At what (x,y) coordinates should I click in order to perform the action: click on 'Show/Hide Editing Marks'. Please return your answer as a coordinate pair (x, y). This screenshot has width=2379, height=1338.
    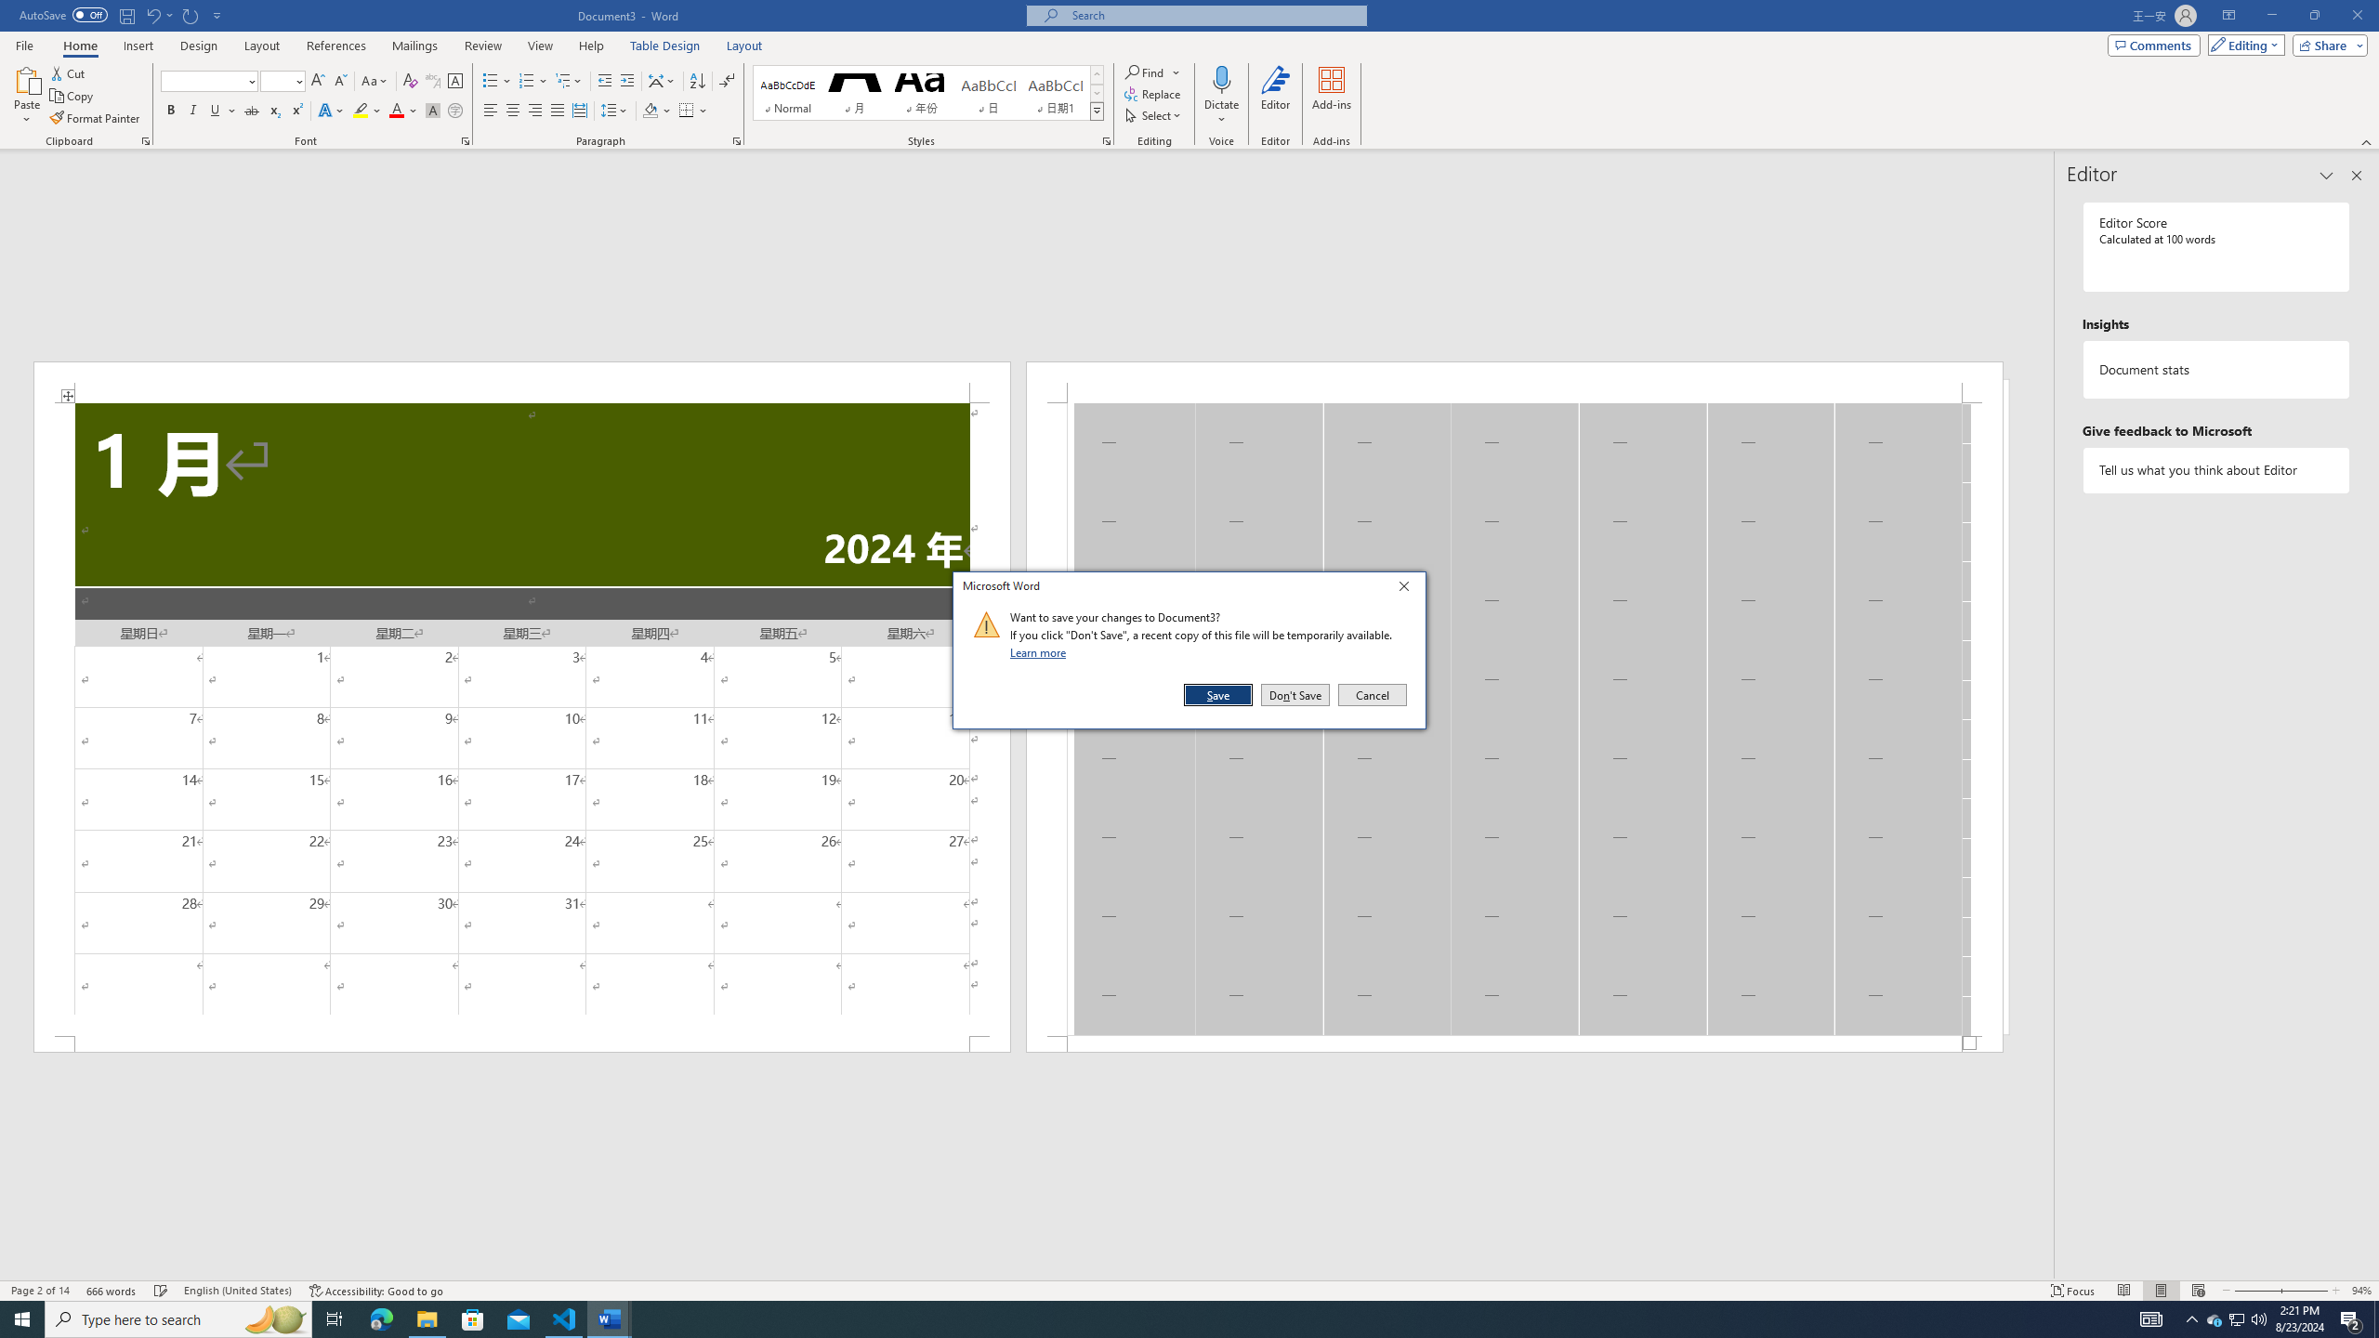
    Looking at the image, I should click on (727, 81).